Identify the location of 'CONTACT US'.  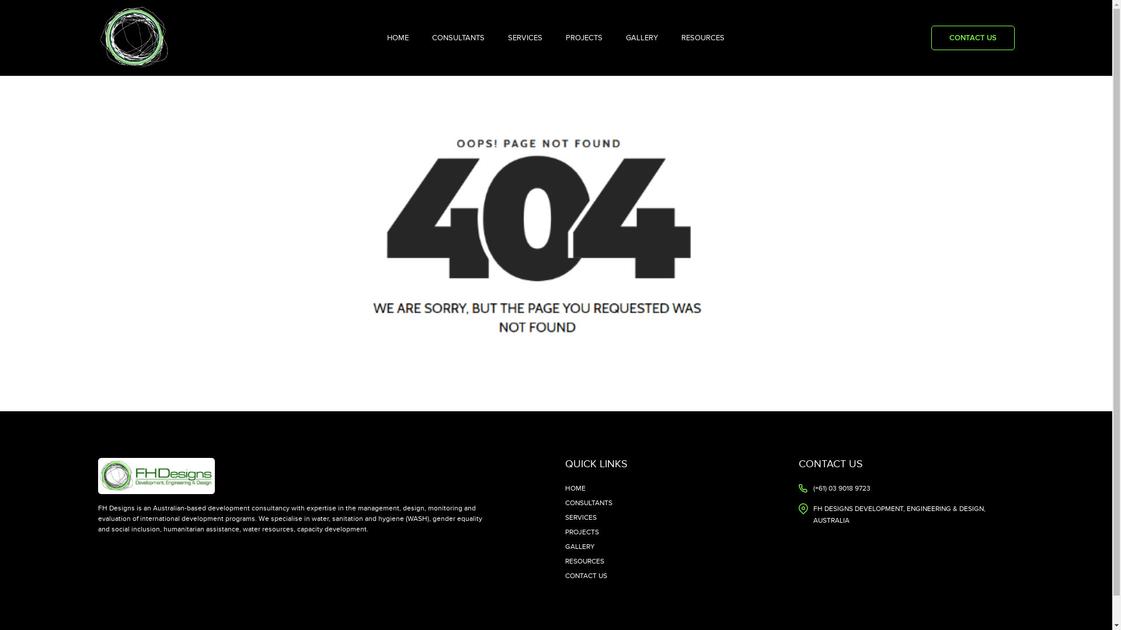
(972, 37).